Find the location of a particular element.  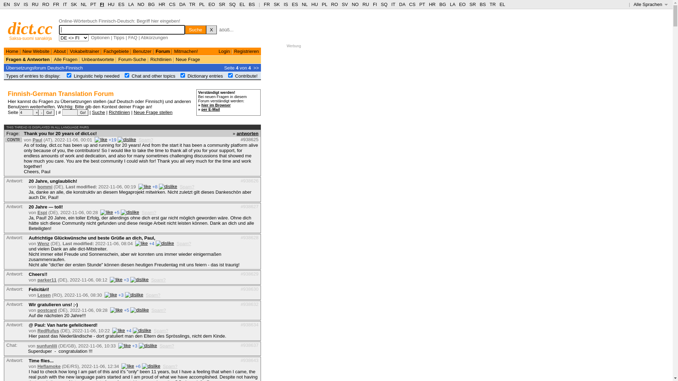

'ES' is located at coordinates (292, 4).